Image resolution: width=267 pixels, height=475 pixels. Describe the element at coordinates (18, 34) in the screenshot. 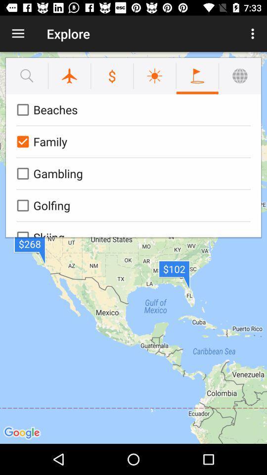

I see `item to the left of the explore` at that location.